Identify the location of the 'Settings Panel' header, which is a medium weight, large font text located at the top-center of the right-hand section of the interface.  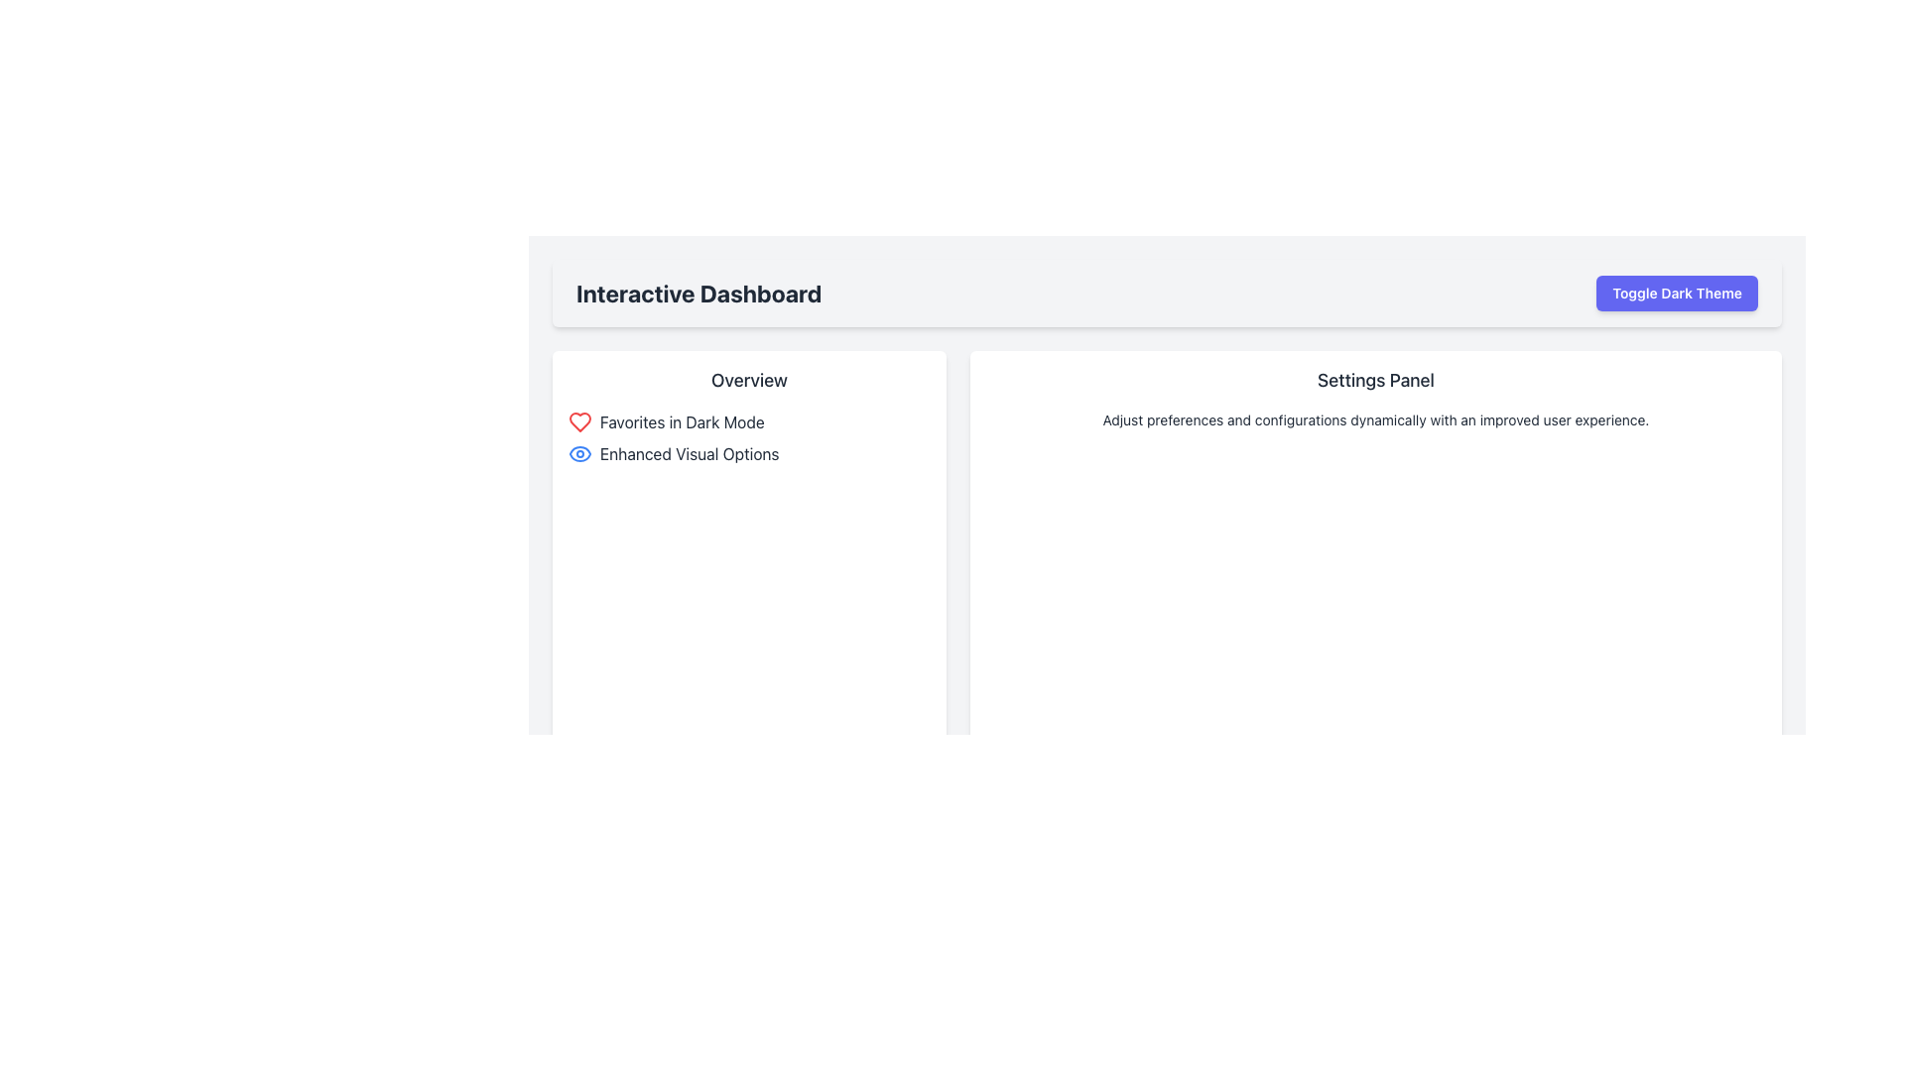
(1375, 381).